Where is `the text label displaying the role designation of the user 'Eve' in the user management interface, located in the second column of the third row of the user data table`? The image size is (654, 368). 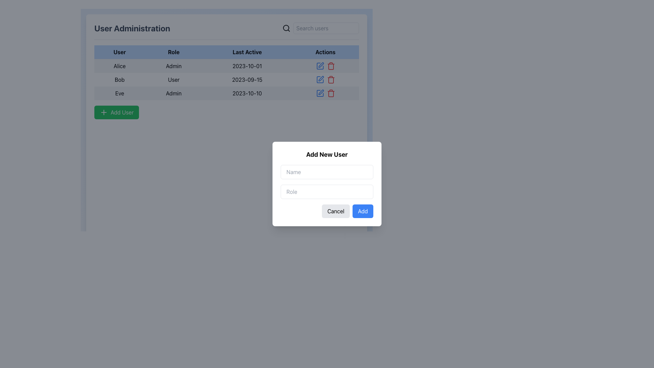 the text label displaying the role designation of the user 'Eve' in the user management interface, located in the second column of the third row of the user data table is located at coordinates (174, 93).